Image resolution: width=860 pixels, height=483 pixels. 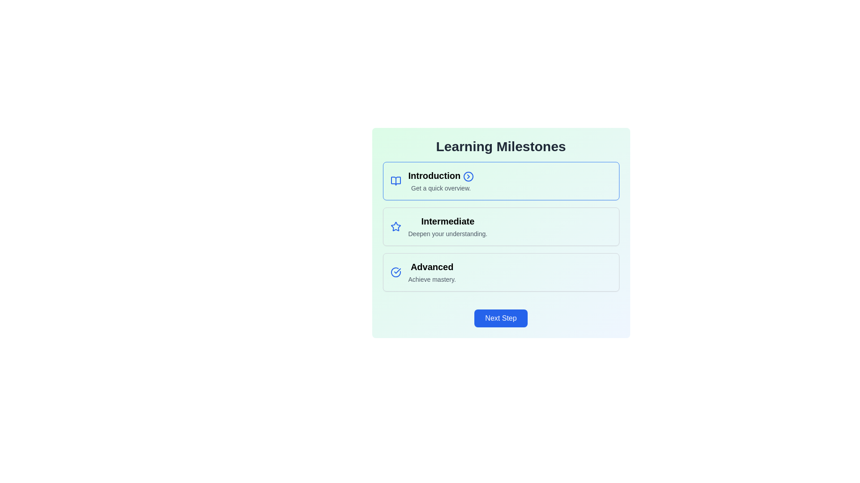 What do you see at coordinates (432, 272) in the screenshot?
I see `the 'Advanced' milestone indicator, which is the third milestone in a vertical sequence, positioned below the 'Introduction' and 'Intermediate' milestones` at bounding box center [432, 272].